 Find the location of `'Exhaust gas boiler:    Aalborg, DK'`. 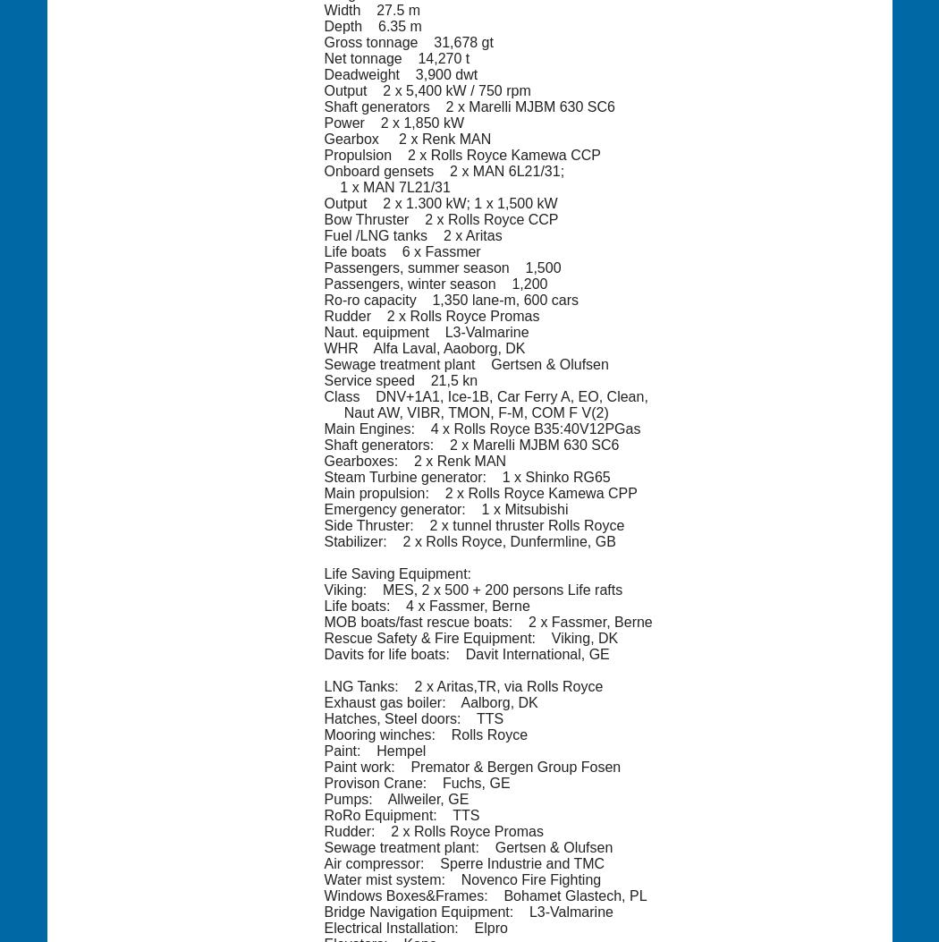

'Exhaust gas boiler:    Aalborg, DK' is located at coordinates (430, 701).